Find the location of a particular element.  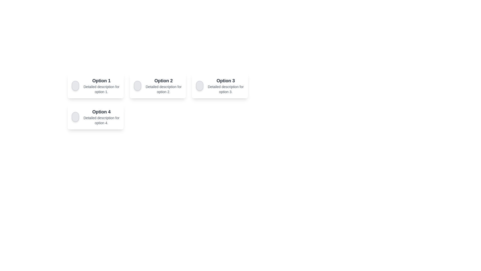

the text label 'Option 2', which is styled with a bold font and dark gray color, located in the top row and second column of a grid, directly below the graphical toggle switch for 'Option 2' is located at coordinates (163, 80).